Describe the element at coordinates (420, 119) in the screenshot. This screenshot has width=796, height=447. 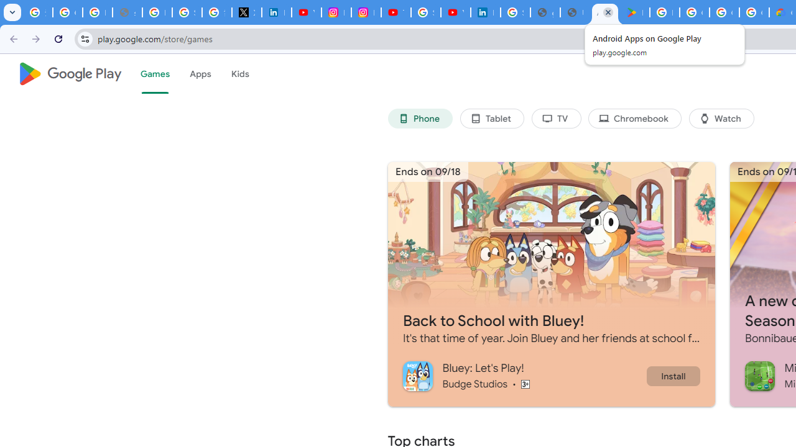
I see `'Phone'` at that location.